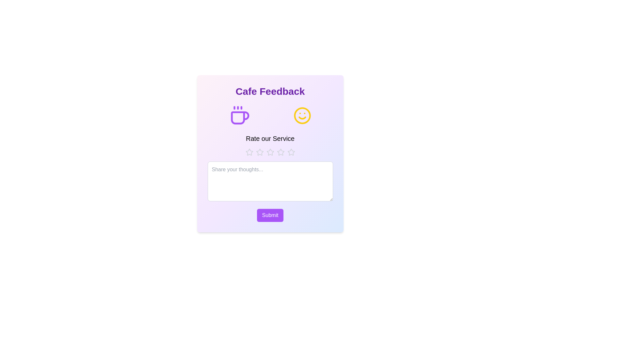 This screenshot has height=353, width=627. I want to click on the textarea and input the text 'Great service!', so click(270, 181).